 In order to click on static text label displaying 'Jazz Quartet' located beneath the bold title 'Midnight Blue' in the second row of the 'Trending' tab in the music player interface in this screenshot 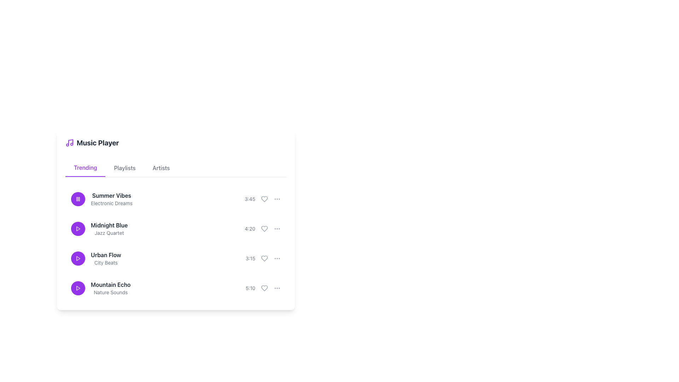, I will do `click(109, 233)`.